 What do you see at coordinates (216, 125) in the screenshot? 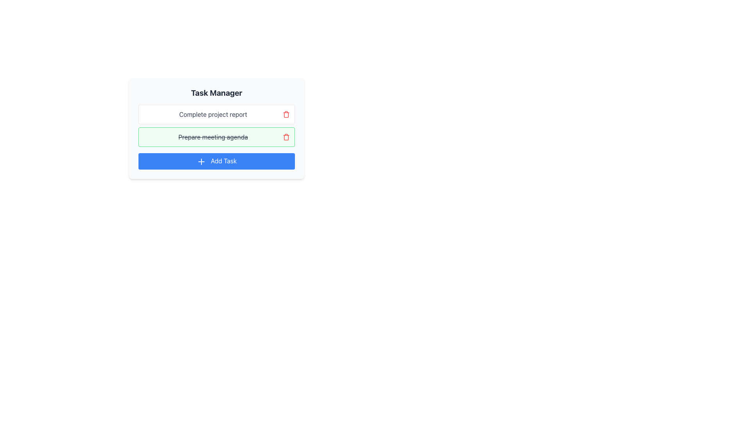
I see `the second entry of the task list labeled 'Prepare meeting agenda' with a strikethrough style` at bounding box center [216, 125].